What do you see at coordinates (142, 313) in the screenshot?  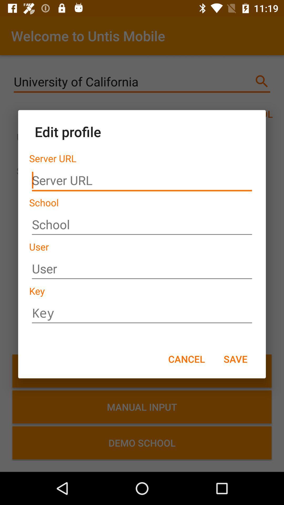 I see `key code` at bounding box center [142, 313].